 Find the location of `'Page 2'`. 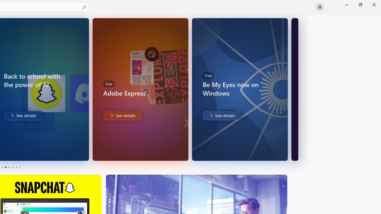

'Page 2' is located at coordinates (5, 167).